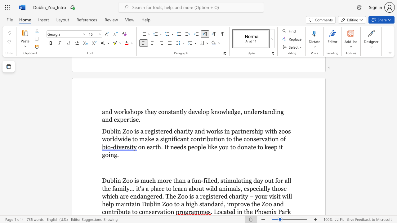  I want to click on the subset text "ard, improve th" within the text "Dublin Zoo to a high standard, improve the Zoo and contribute to conservation", so click(214, 204).